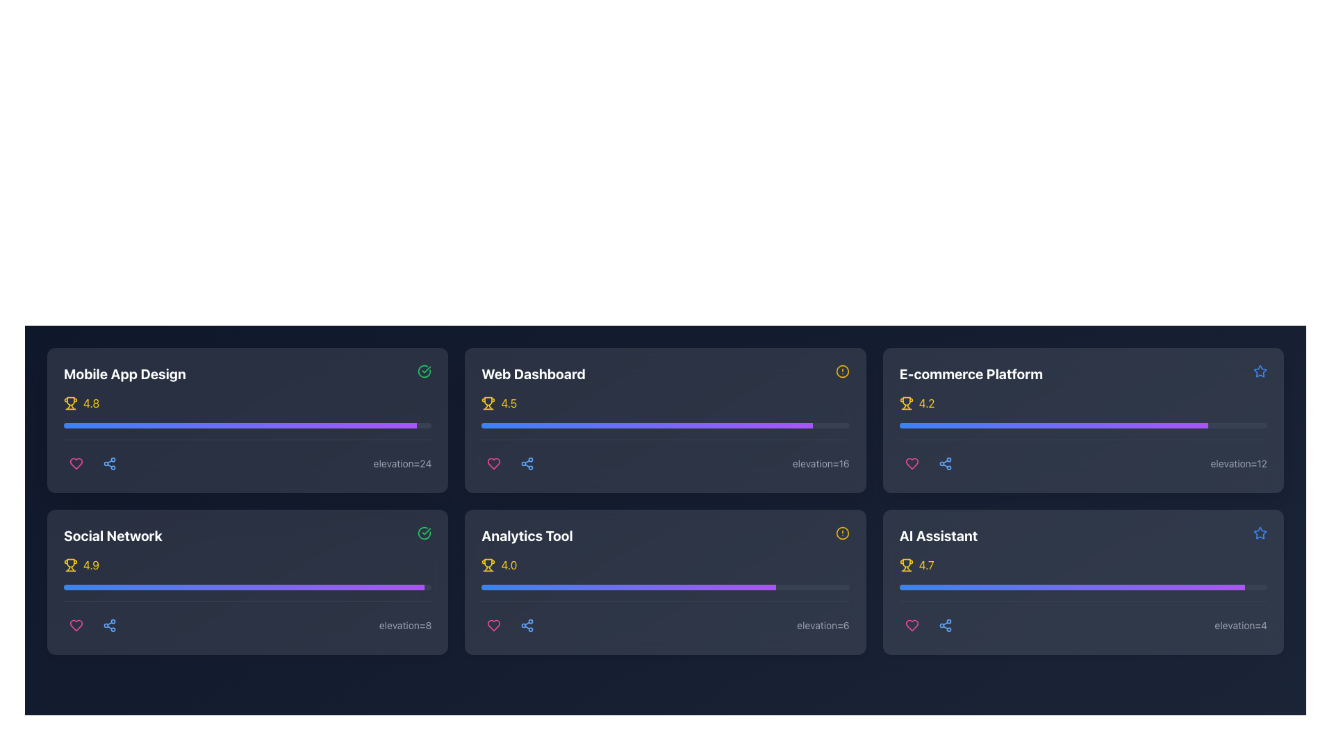  I want to click on the share icon represented by a blue connected network symbol located in the lower center of the 'E-commerce Platform' card to initiate the sharing action, so click(945, 463).